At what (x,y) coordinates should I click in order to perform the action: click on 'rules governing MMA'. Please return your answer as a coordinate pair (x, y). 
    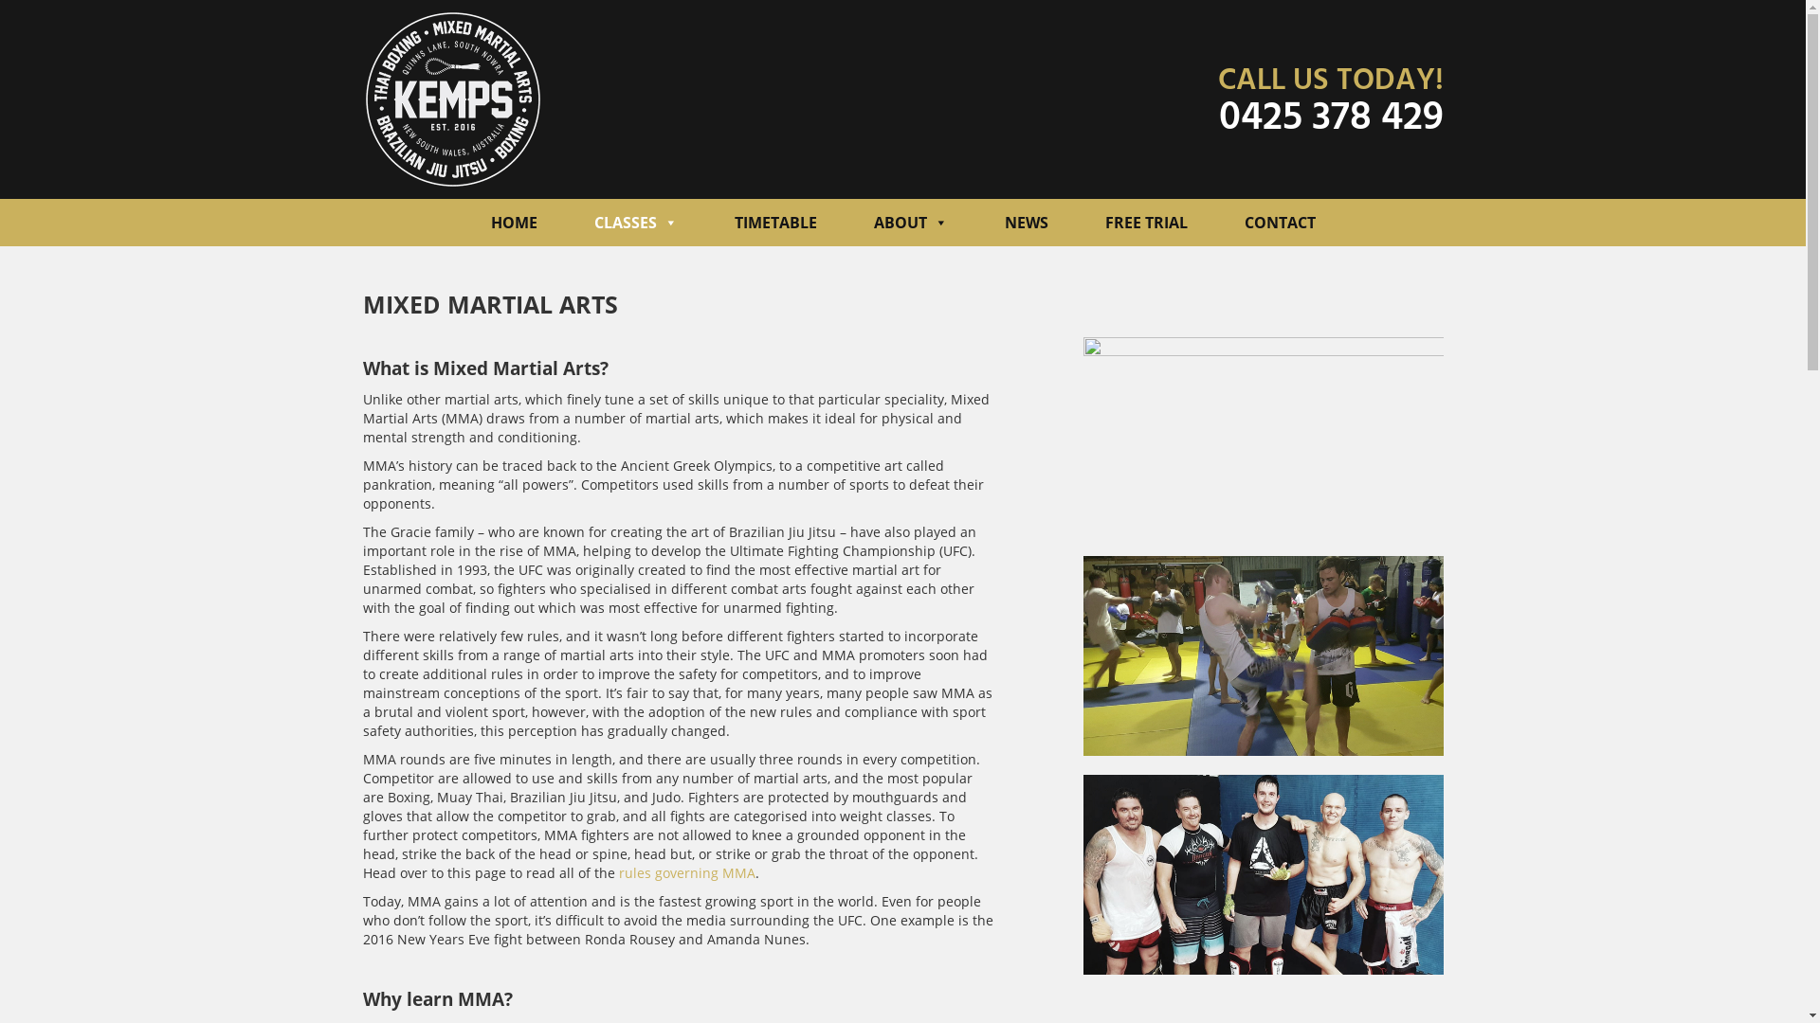
    Looking at the image, I should click on (685, 872).